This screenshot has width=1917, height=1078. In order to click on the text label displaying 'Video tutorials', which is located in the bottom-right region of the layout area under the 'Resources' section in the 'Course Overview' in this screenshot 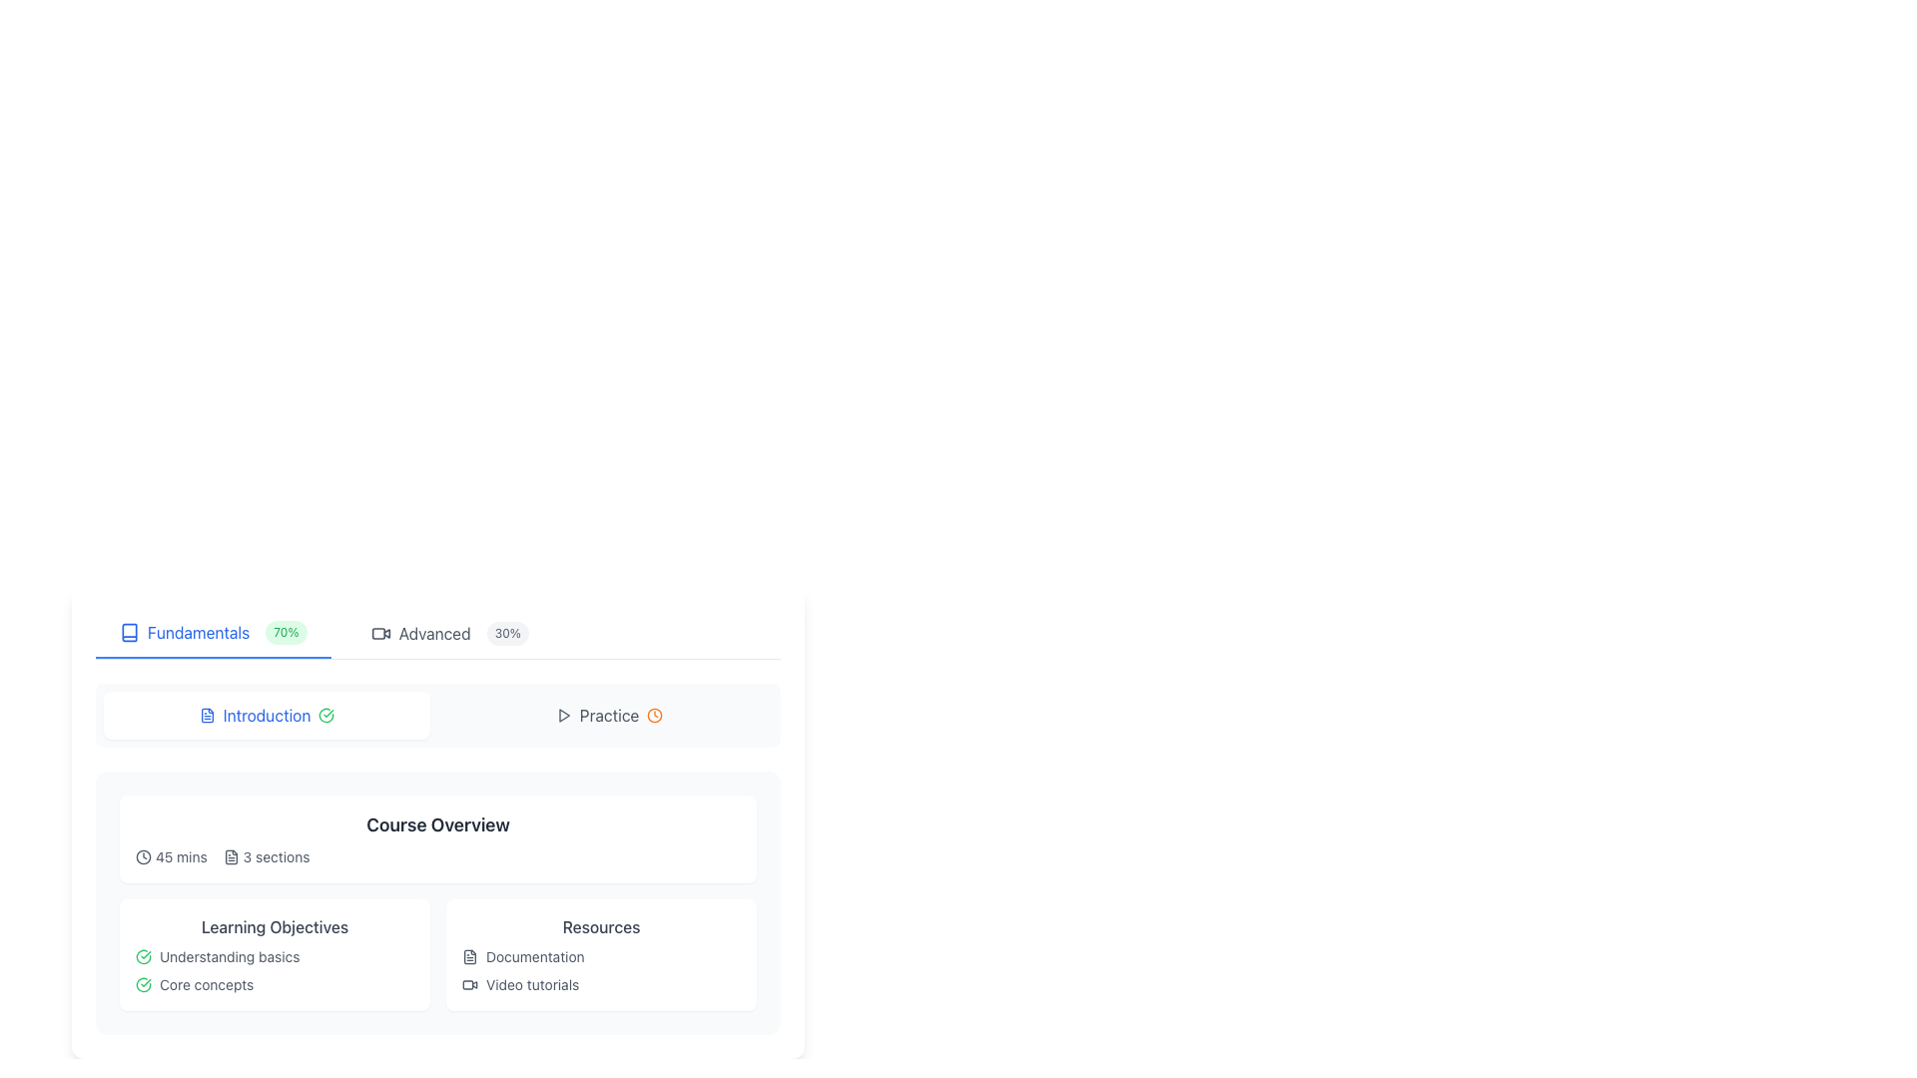, I will do `click(532, 984)`.